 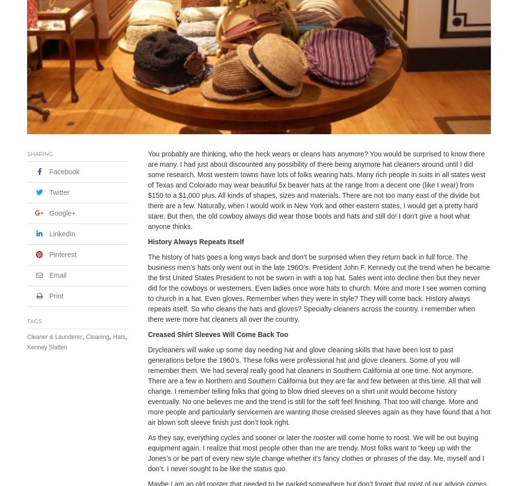 I want to click on 'Drycleaners will wake up some day needing hat and glove cleaning skills that have been lost to past generations before the 1960’s. These folks were professional hat and glove cleaners. Some of you will remember them. We had several really good hat cleaners in Southern California at one time. Not anymore. There are a few in Northern and Southern California but they are far and few between at this time. All that will change. I remember telling folks that going to blow dried sleeves on a shirt unit would become history eventually. No one believes me and the trend is still for the soft feel finishing. That too will change. More and more people and particularly servicemen are wanting those creased sleeves again as they have found that a hot air blown soft sleeve finish just don’t look right.', so click(x=319, y=386).